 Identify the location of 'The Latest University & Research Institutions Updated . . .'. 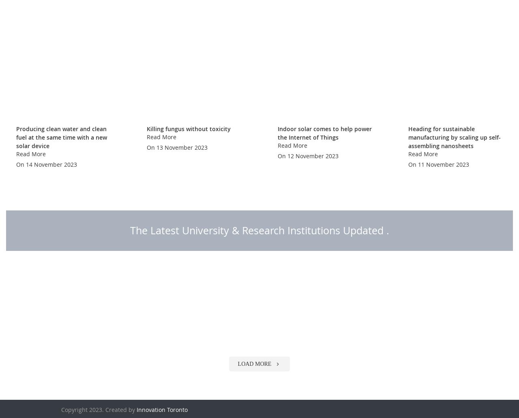
(259, 250).